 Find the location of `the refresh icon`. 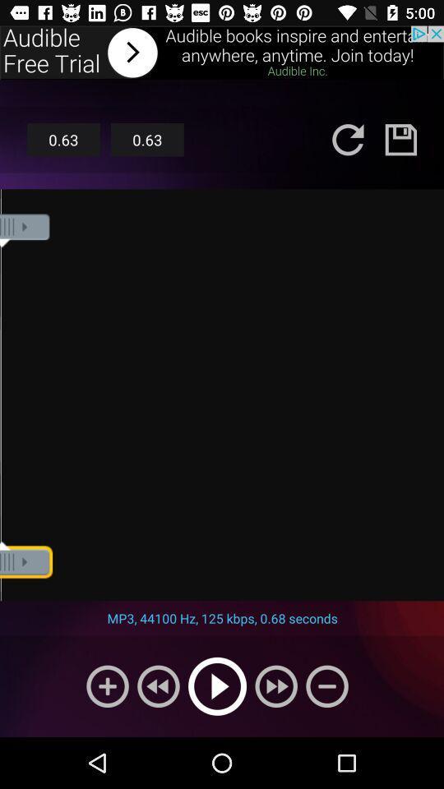

the refresh icon is located at coordinates (347, 139).